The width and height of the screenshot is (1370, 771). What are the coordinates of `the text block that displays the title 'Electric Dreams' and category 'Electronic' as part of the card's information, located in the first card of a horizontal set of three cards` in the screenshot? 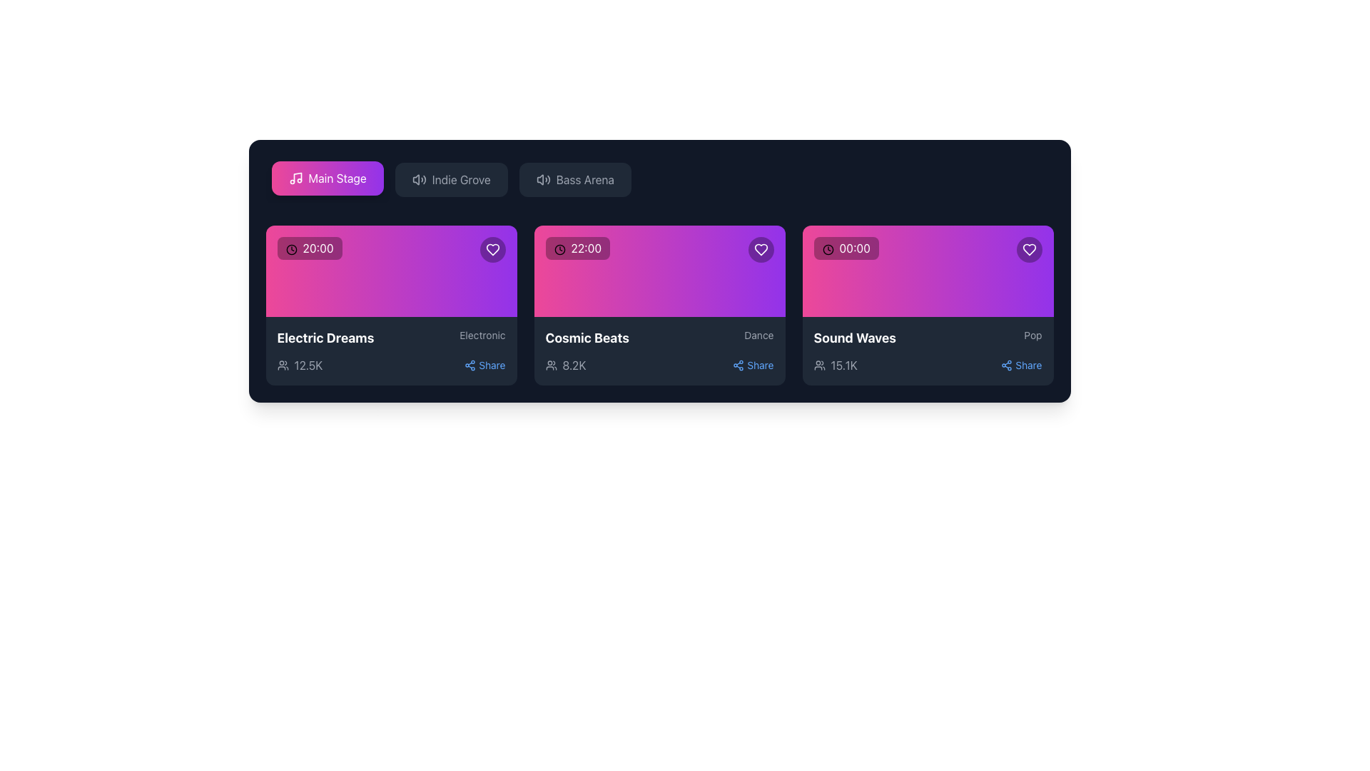 It's located at (391, 338).